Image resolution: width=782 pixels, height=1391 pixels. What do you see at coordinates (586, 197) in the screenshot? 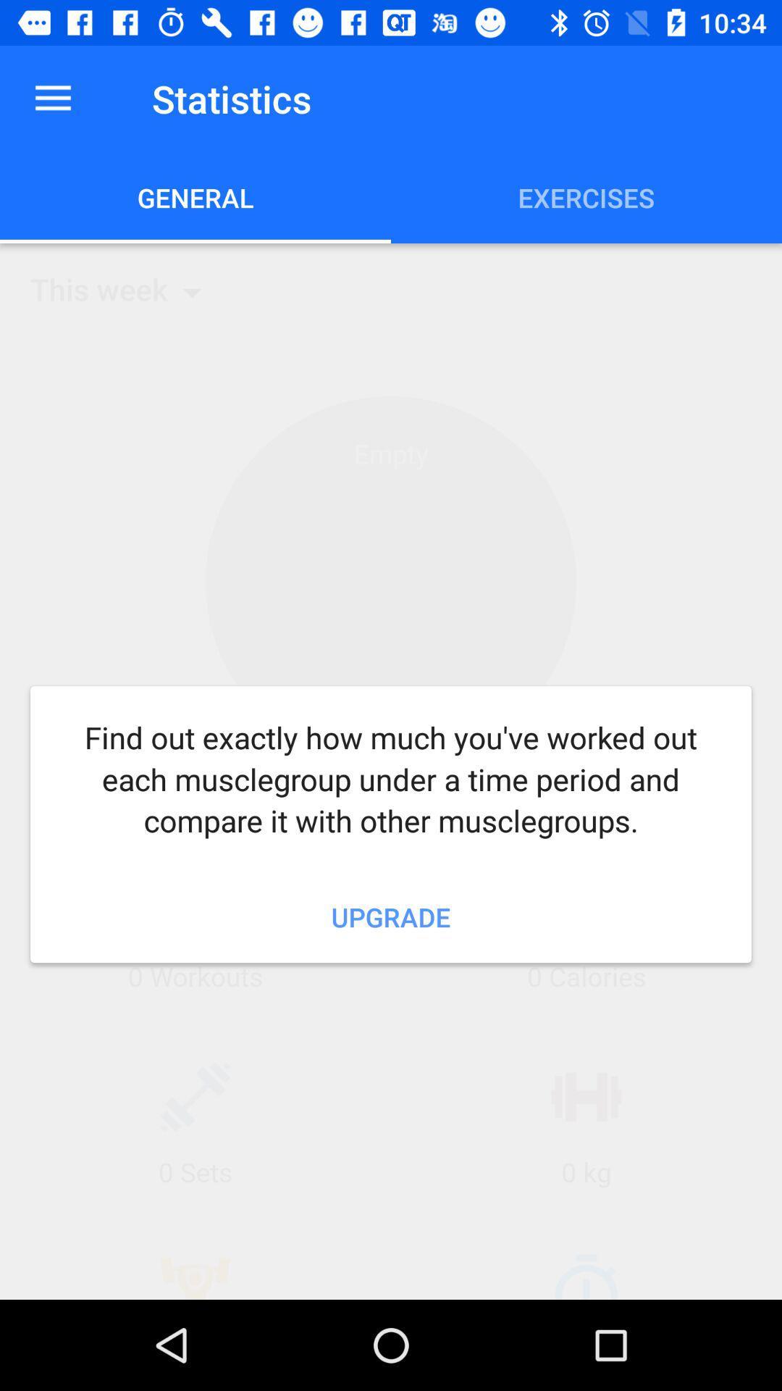
I see `the exercises icon` at bounding box center [586, 197].